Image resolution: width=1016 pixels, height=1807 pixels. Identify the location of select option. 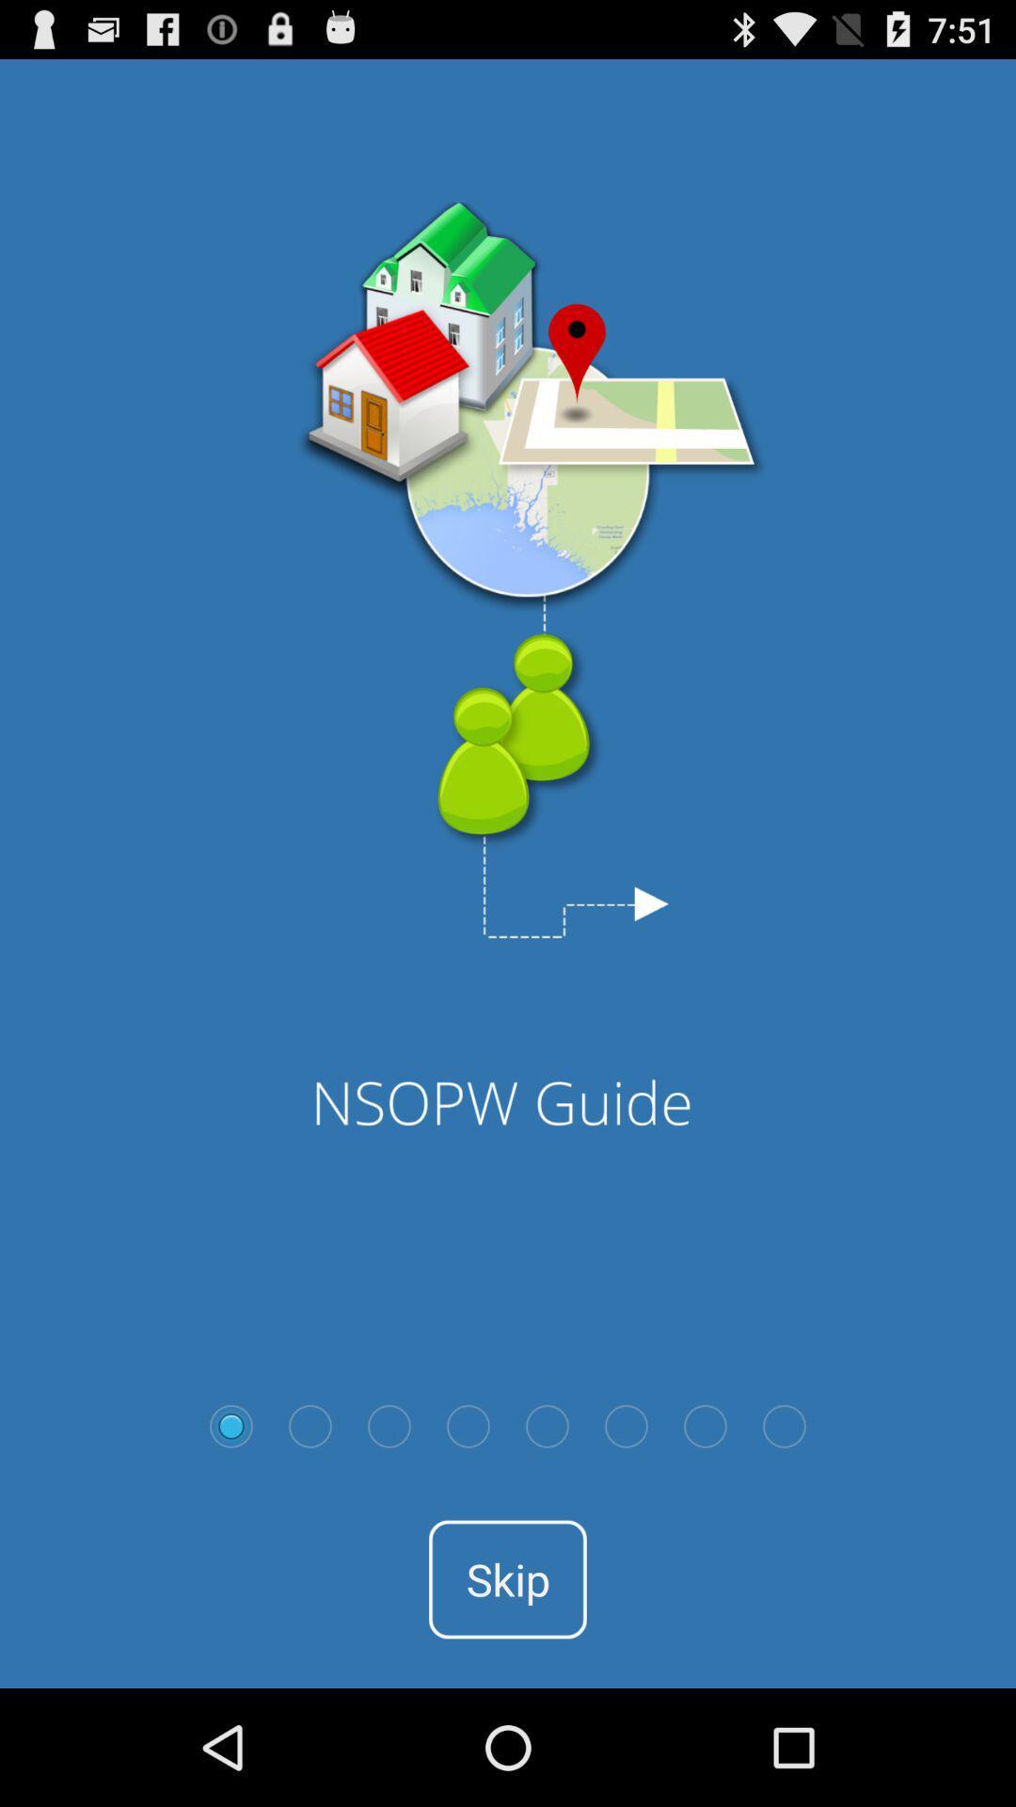
(230, 1426).